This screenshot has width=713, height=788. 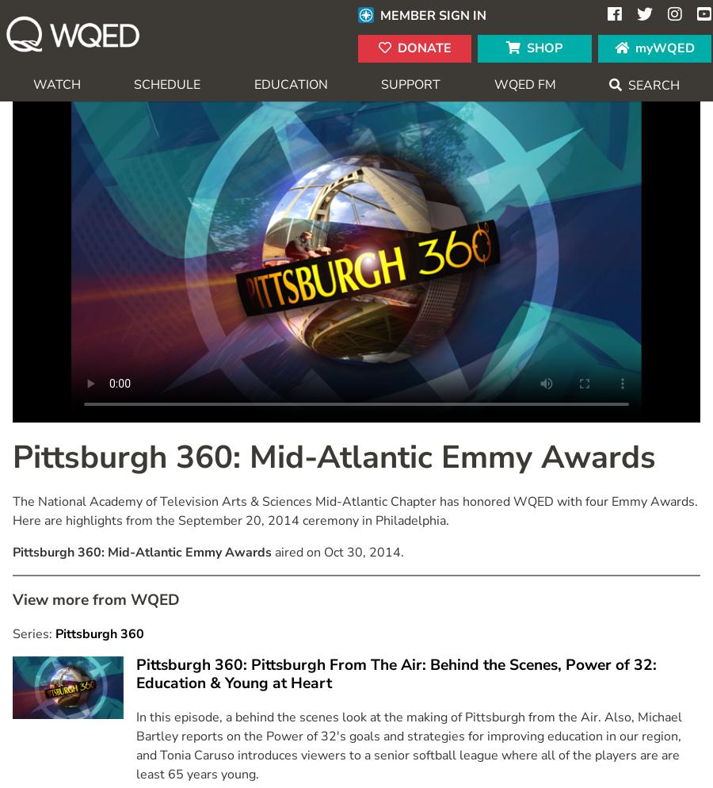 I want to click on 'Watch', so click(x=55, y=83).